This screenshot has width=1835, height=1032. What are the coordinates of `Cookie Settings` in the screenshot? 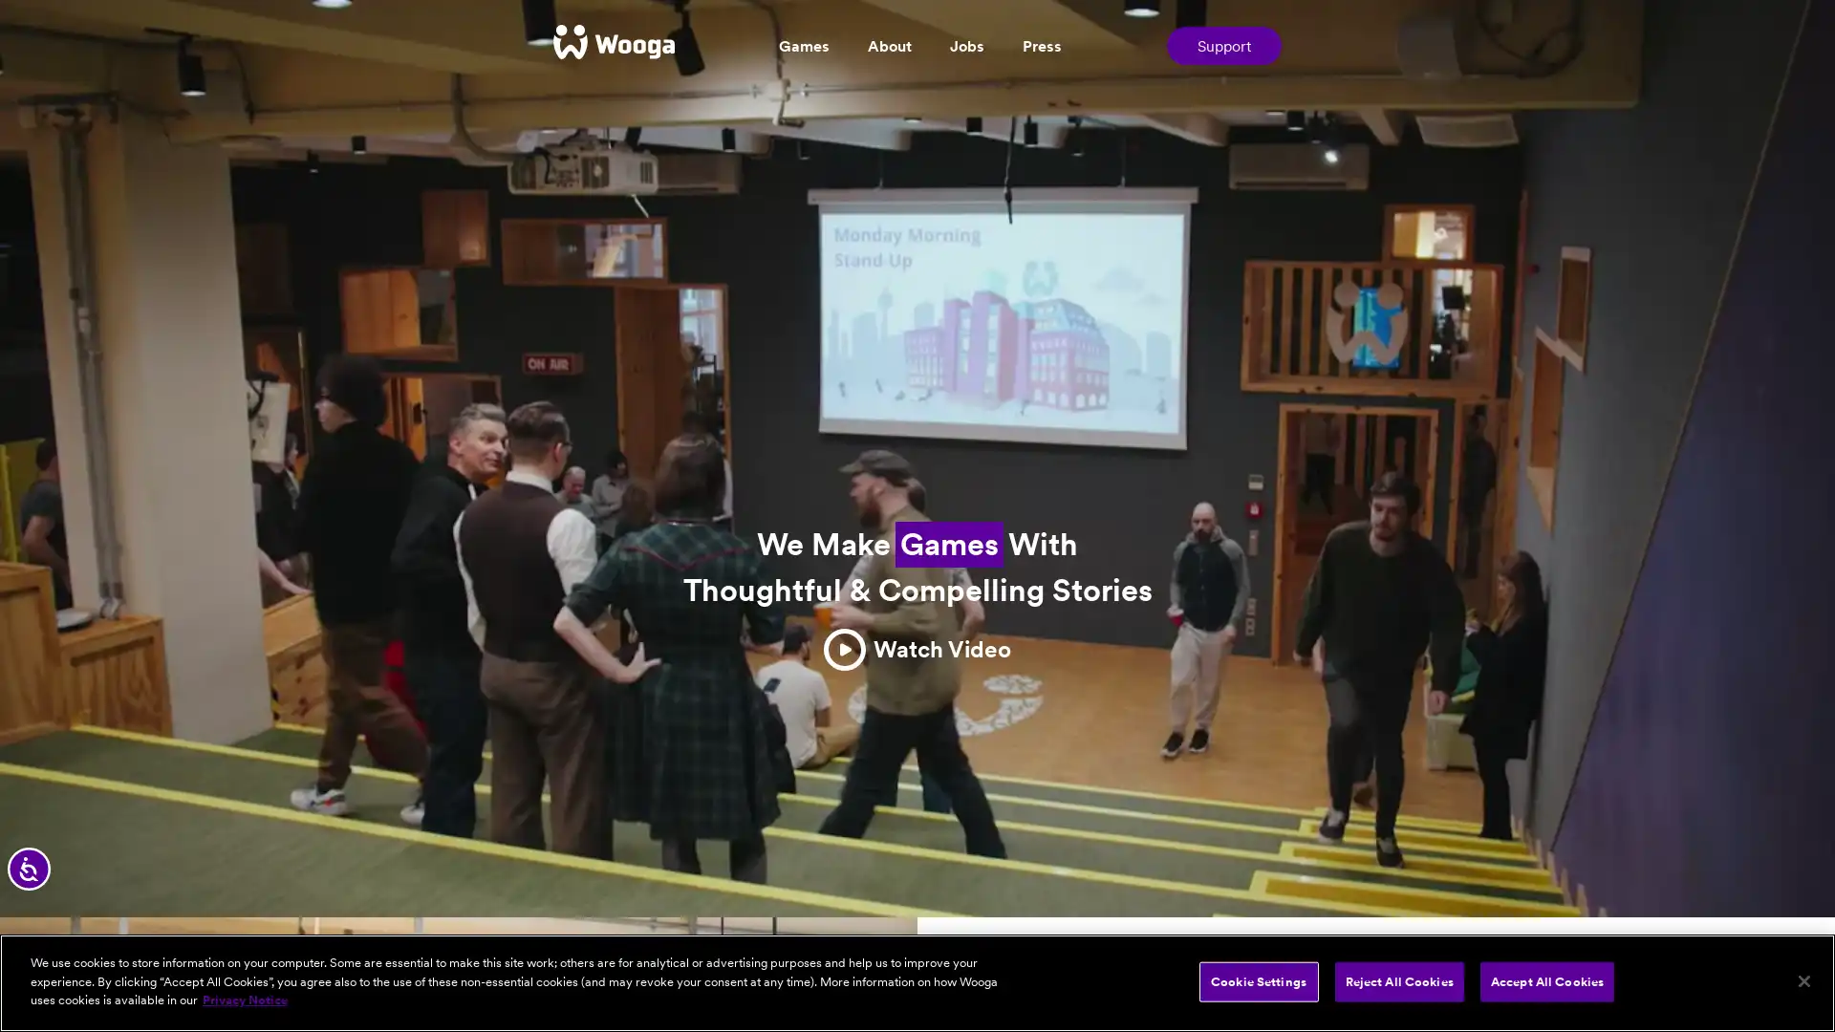 It's located at (1258, 980).